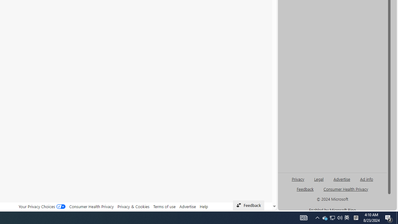 The width and height of the screenshot is (398, 224). Describe the element at coordinates (133, 206) in the screenshot. I see `'Privacy & Cookies'` at that location.